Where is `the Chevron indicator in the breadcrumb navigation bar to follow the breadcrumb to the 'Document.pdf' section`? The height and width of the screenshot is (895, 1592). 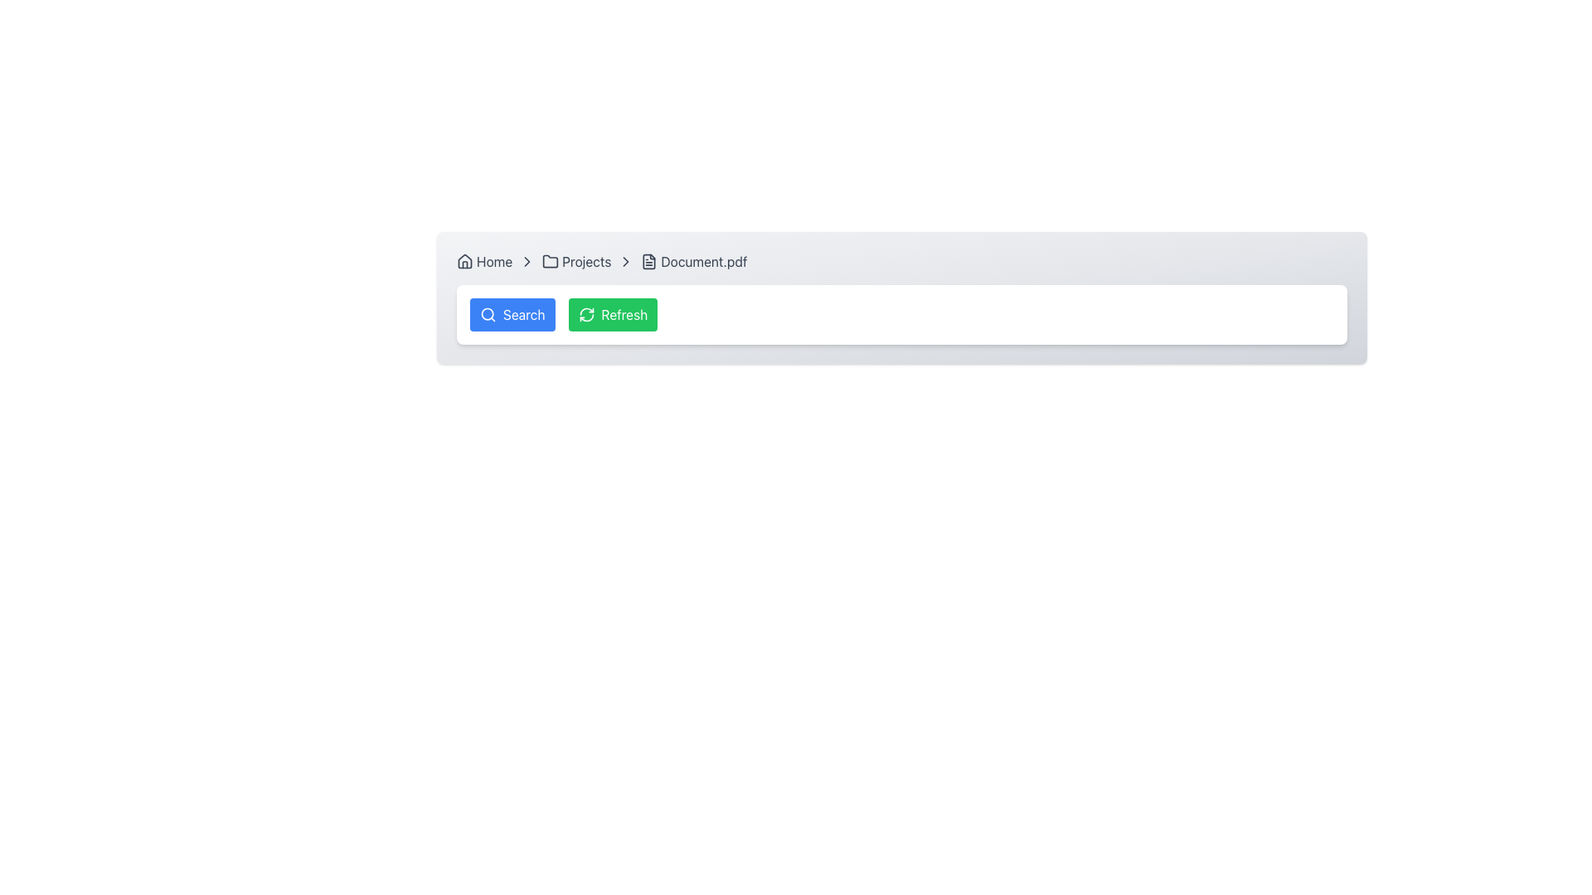
the Chevron indicator in the breadcrumb navigation bar to follow the breadcrumb to the 'Document.pdf' section is located at coordinates (527, 261).